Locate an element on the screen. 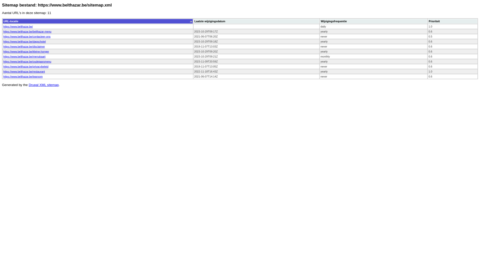 This screenshot has width=480, height=270. 'https://www.belthazar.be/kleine-honger' is located at coordinates (26, 51).